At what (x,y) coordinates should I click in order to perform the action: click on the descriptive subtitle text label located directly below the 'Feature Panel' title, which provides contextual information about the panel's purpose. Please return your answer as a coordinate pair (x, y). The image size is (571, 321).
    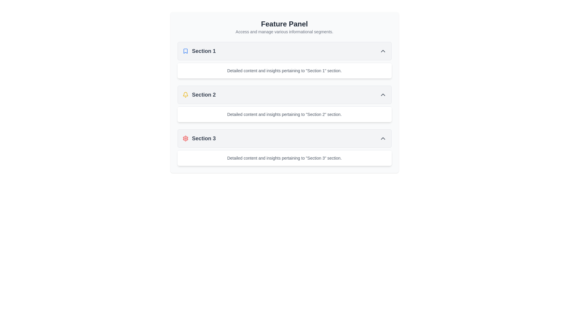
    Looking at the image, I should click on (284, 32).